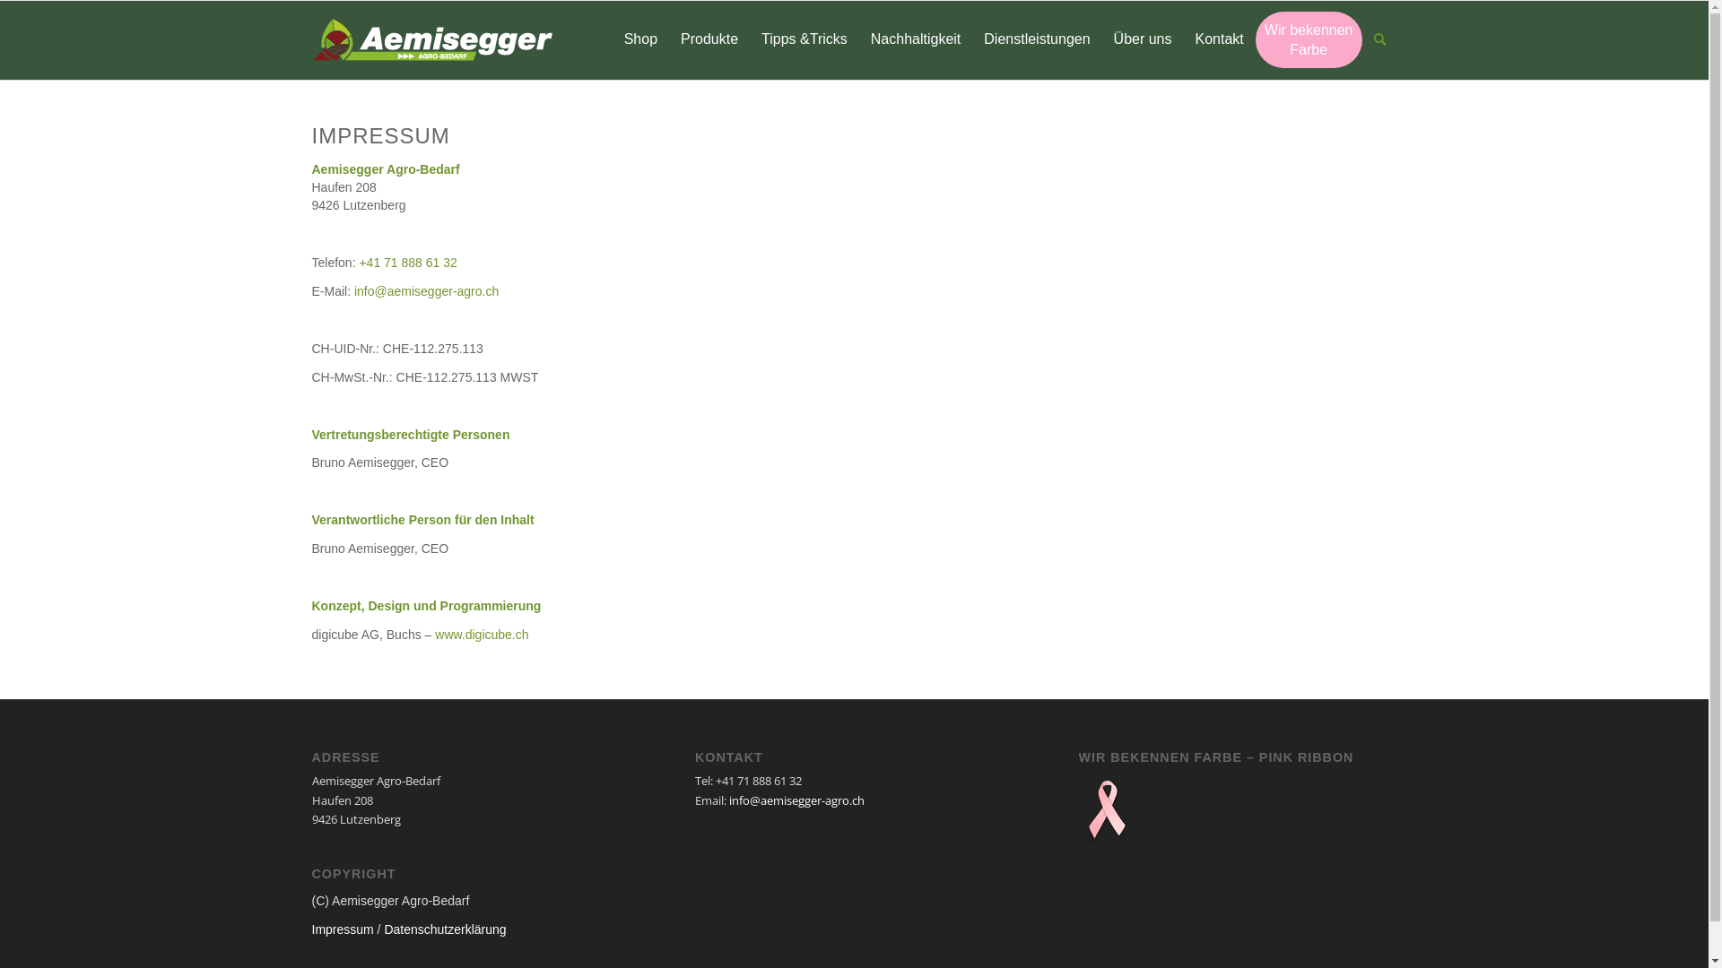 Image resolution: width=1722 pixels, height=968 pixels. I want to click on 'Kontakt', so click(1219, 40).